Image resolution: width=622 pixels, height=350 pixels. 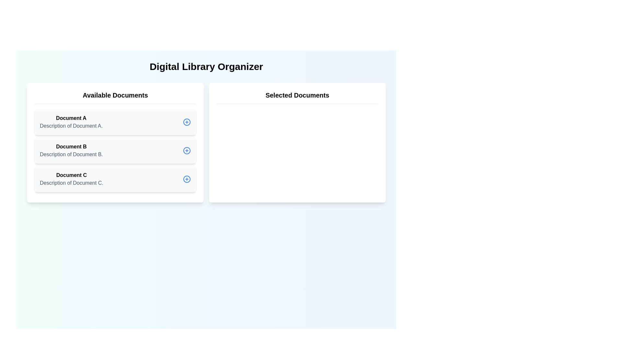 I want to click on the circular button at the end of the row for 'Document A' in the 'Available Documents' list, so click(x=186, y=122).